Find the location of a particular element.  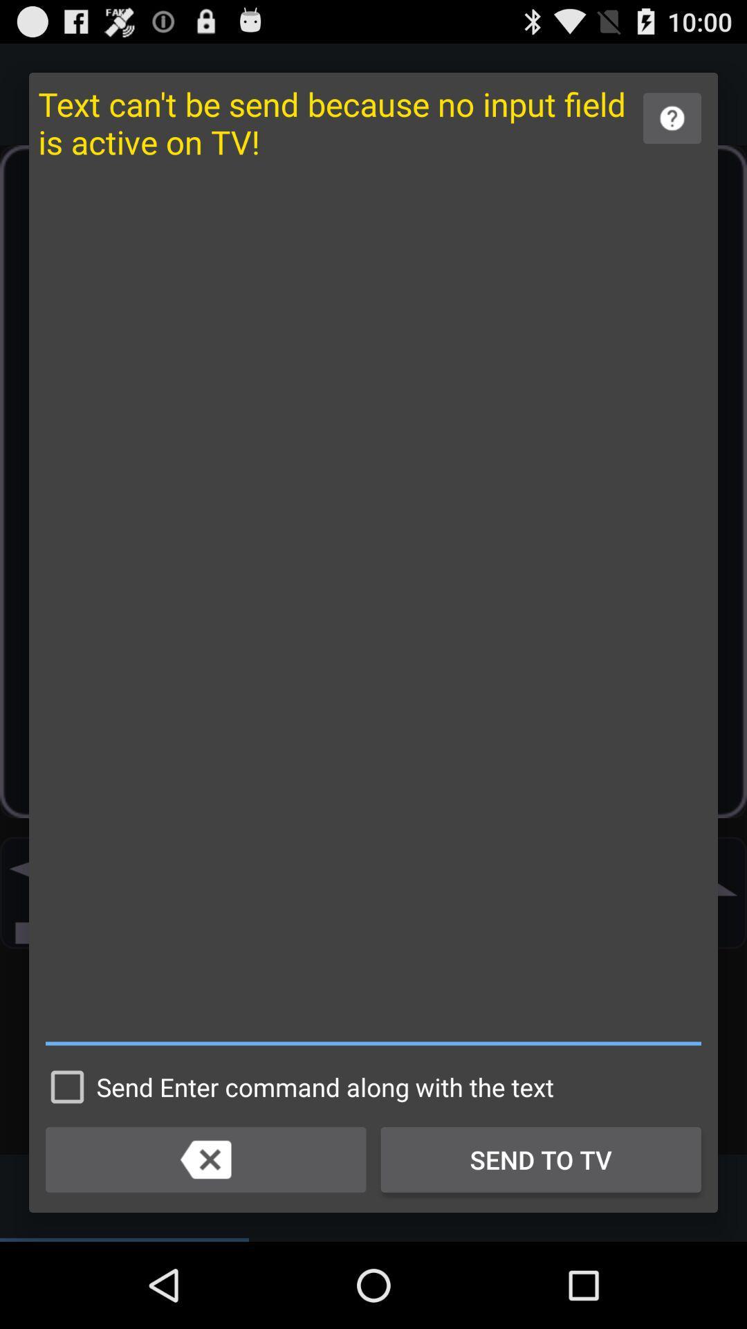

item is located at coordinates (373, 610).